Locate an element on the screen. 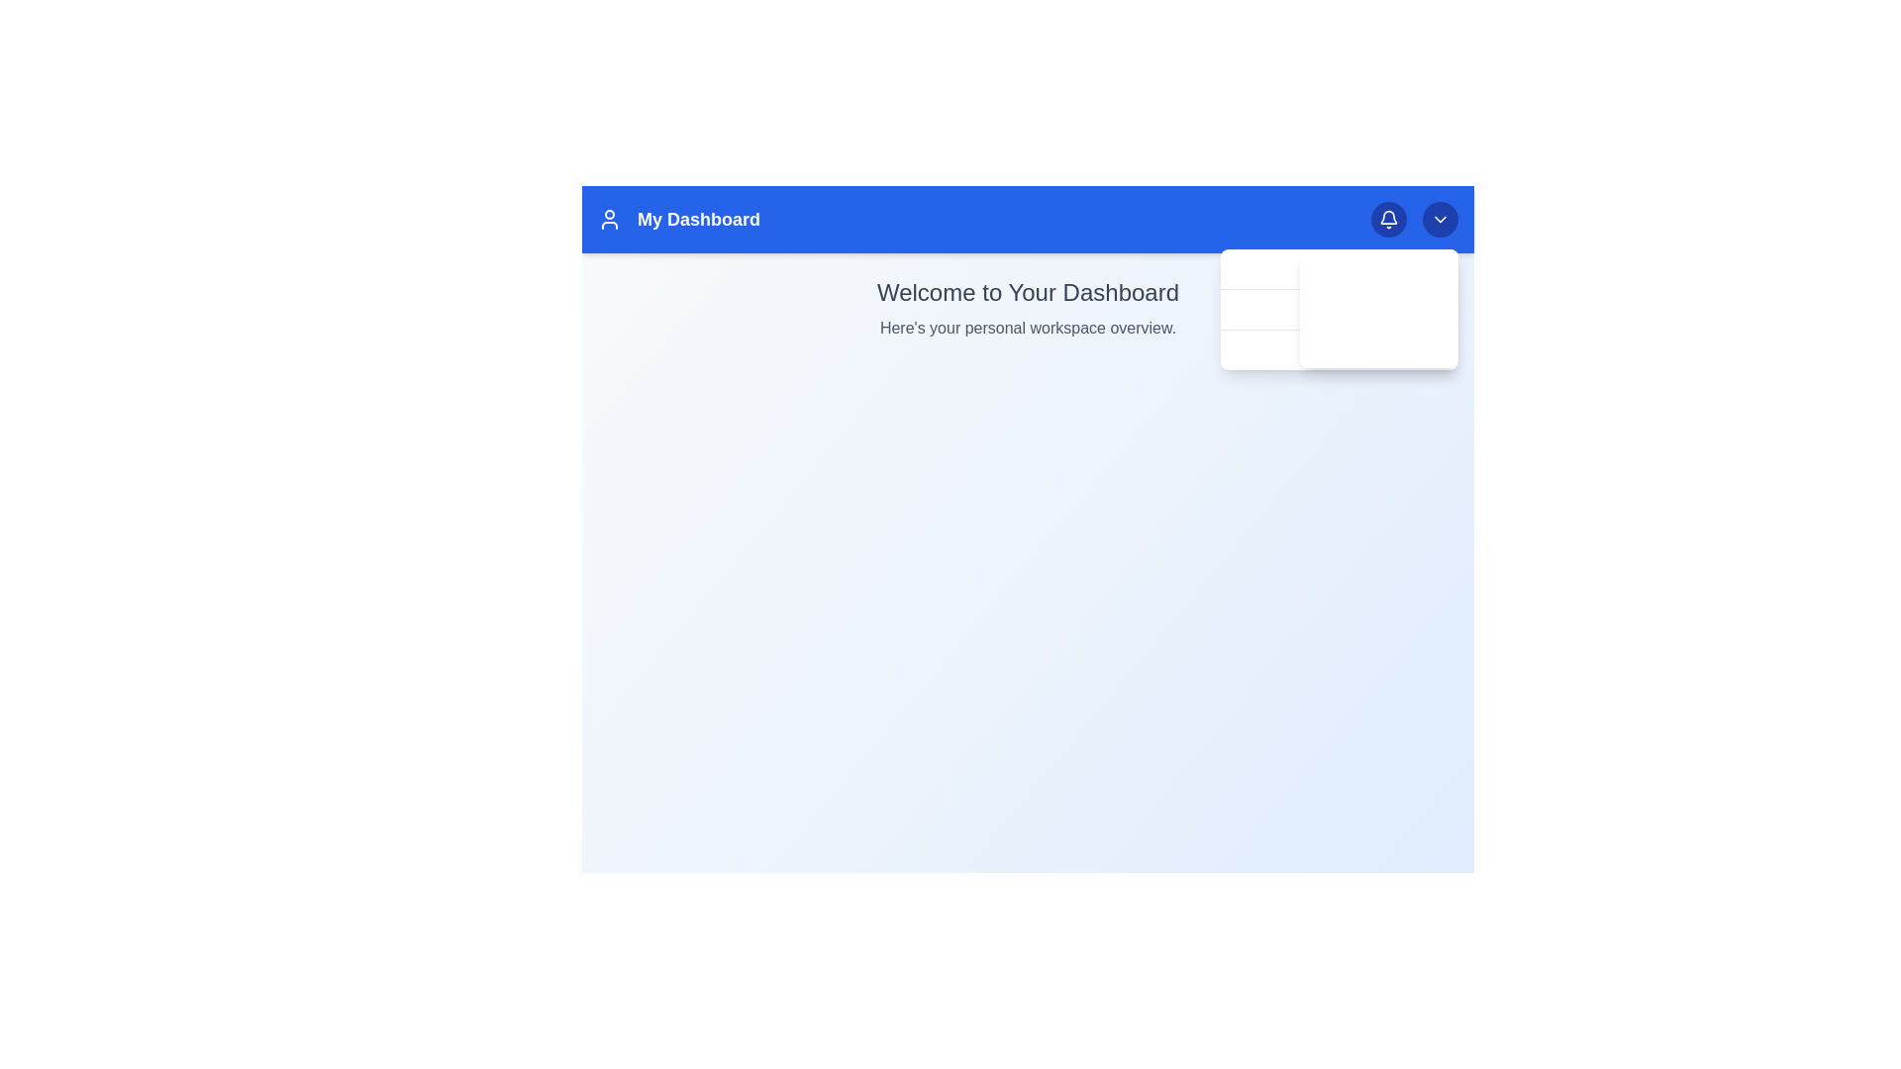 This screenshot has width=1901, height=1069. the circular blue button with a downward pointing chevron icon located in the top-right corner of the header section is located at coordinates (1440, 220).